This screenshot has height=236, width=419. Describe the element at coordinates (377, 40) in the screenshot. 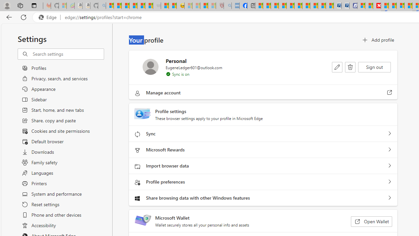

I see `'Add profile'` at that location.